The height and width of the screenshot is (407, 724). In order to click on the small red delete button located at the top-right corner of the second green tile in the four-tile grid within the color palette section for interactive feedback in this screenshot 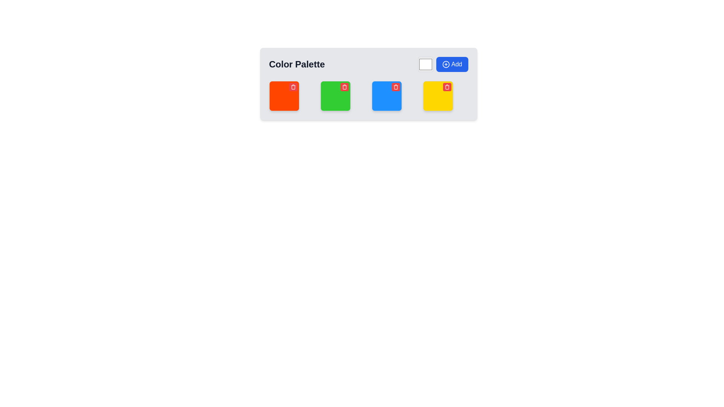, I will do `click(344, 87)`.